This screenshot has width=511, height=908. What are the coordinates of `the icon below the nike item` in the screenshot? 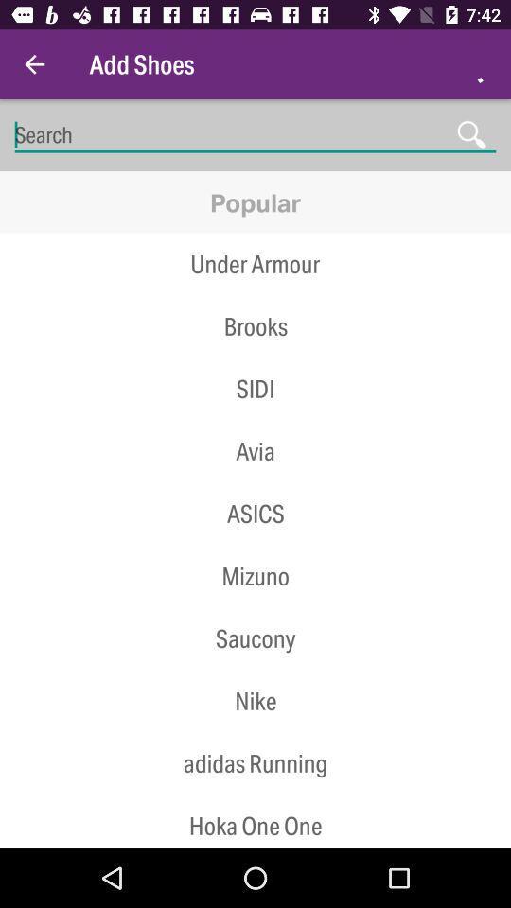 It's located at (255, 763).